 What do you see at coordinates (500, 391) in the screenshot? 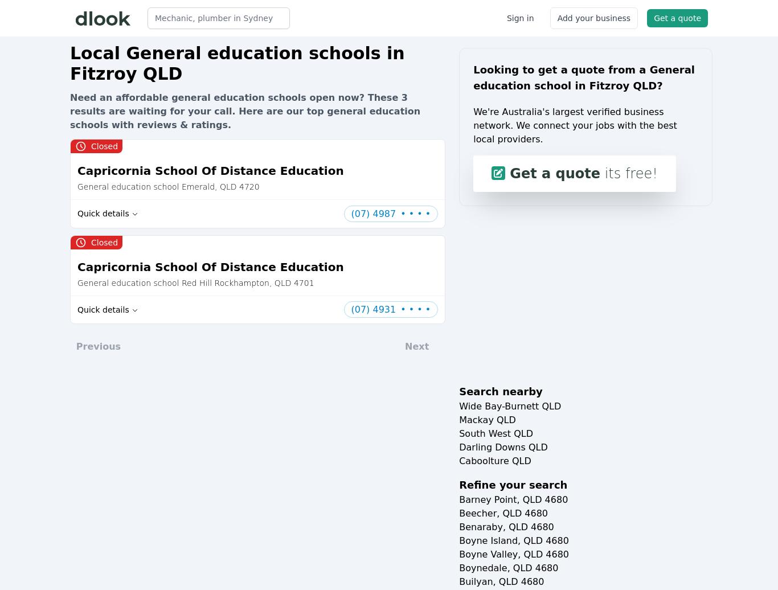
I see `'Search nearby'` at bounding box center [500, 391].